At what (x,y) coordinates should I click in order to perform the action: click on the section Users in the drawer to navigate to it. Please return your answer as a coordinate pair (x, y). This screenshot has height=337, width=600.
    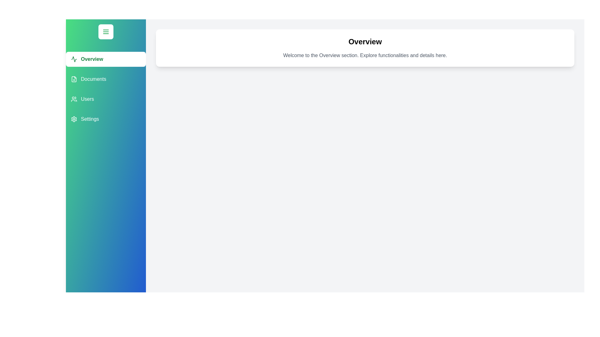
    Looking at the image, I should click on (106, 99).